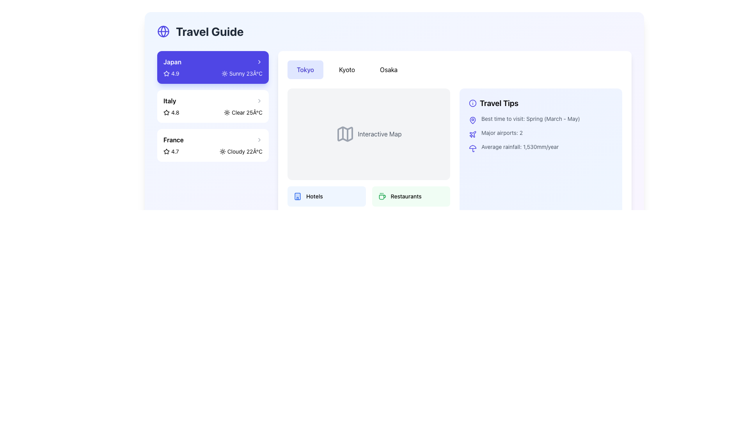  I want to click on the weather information element for France, which is located on the third row of a vertical list and is adjacent to the text '4.7' and a star icon, so click(240, 152).